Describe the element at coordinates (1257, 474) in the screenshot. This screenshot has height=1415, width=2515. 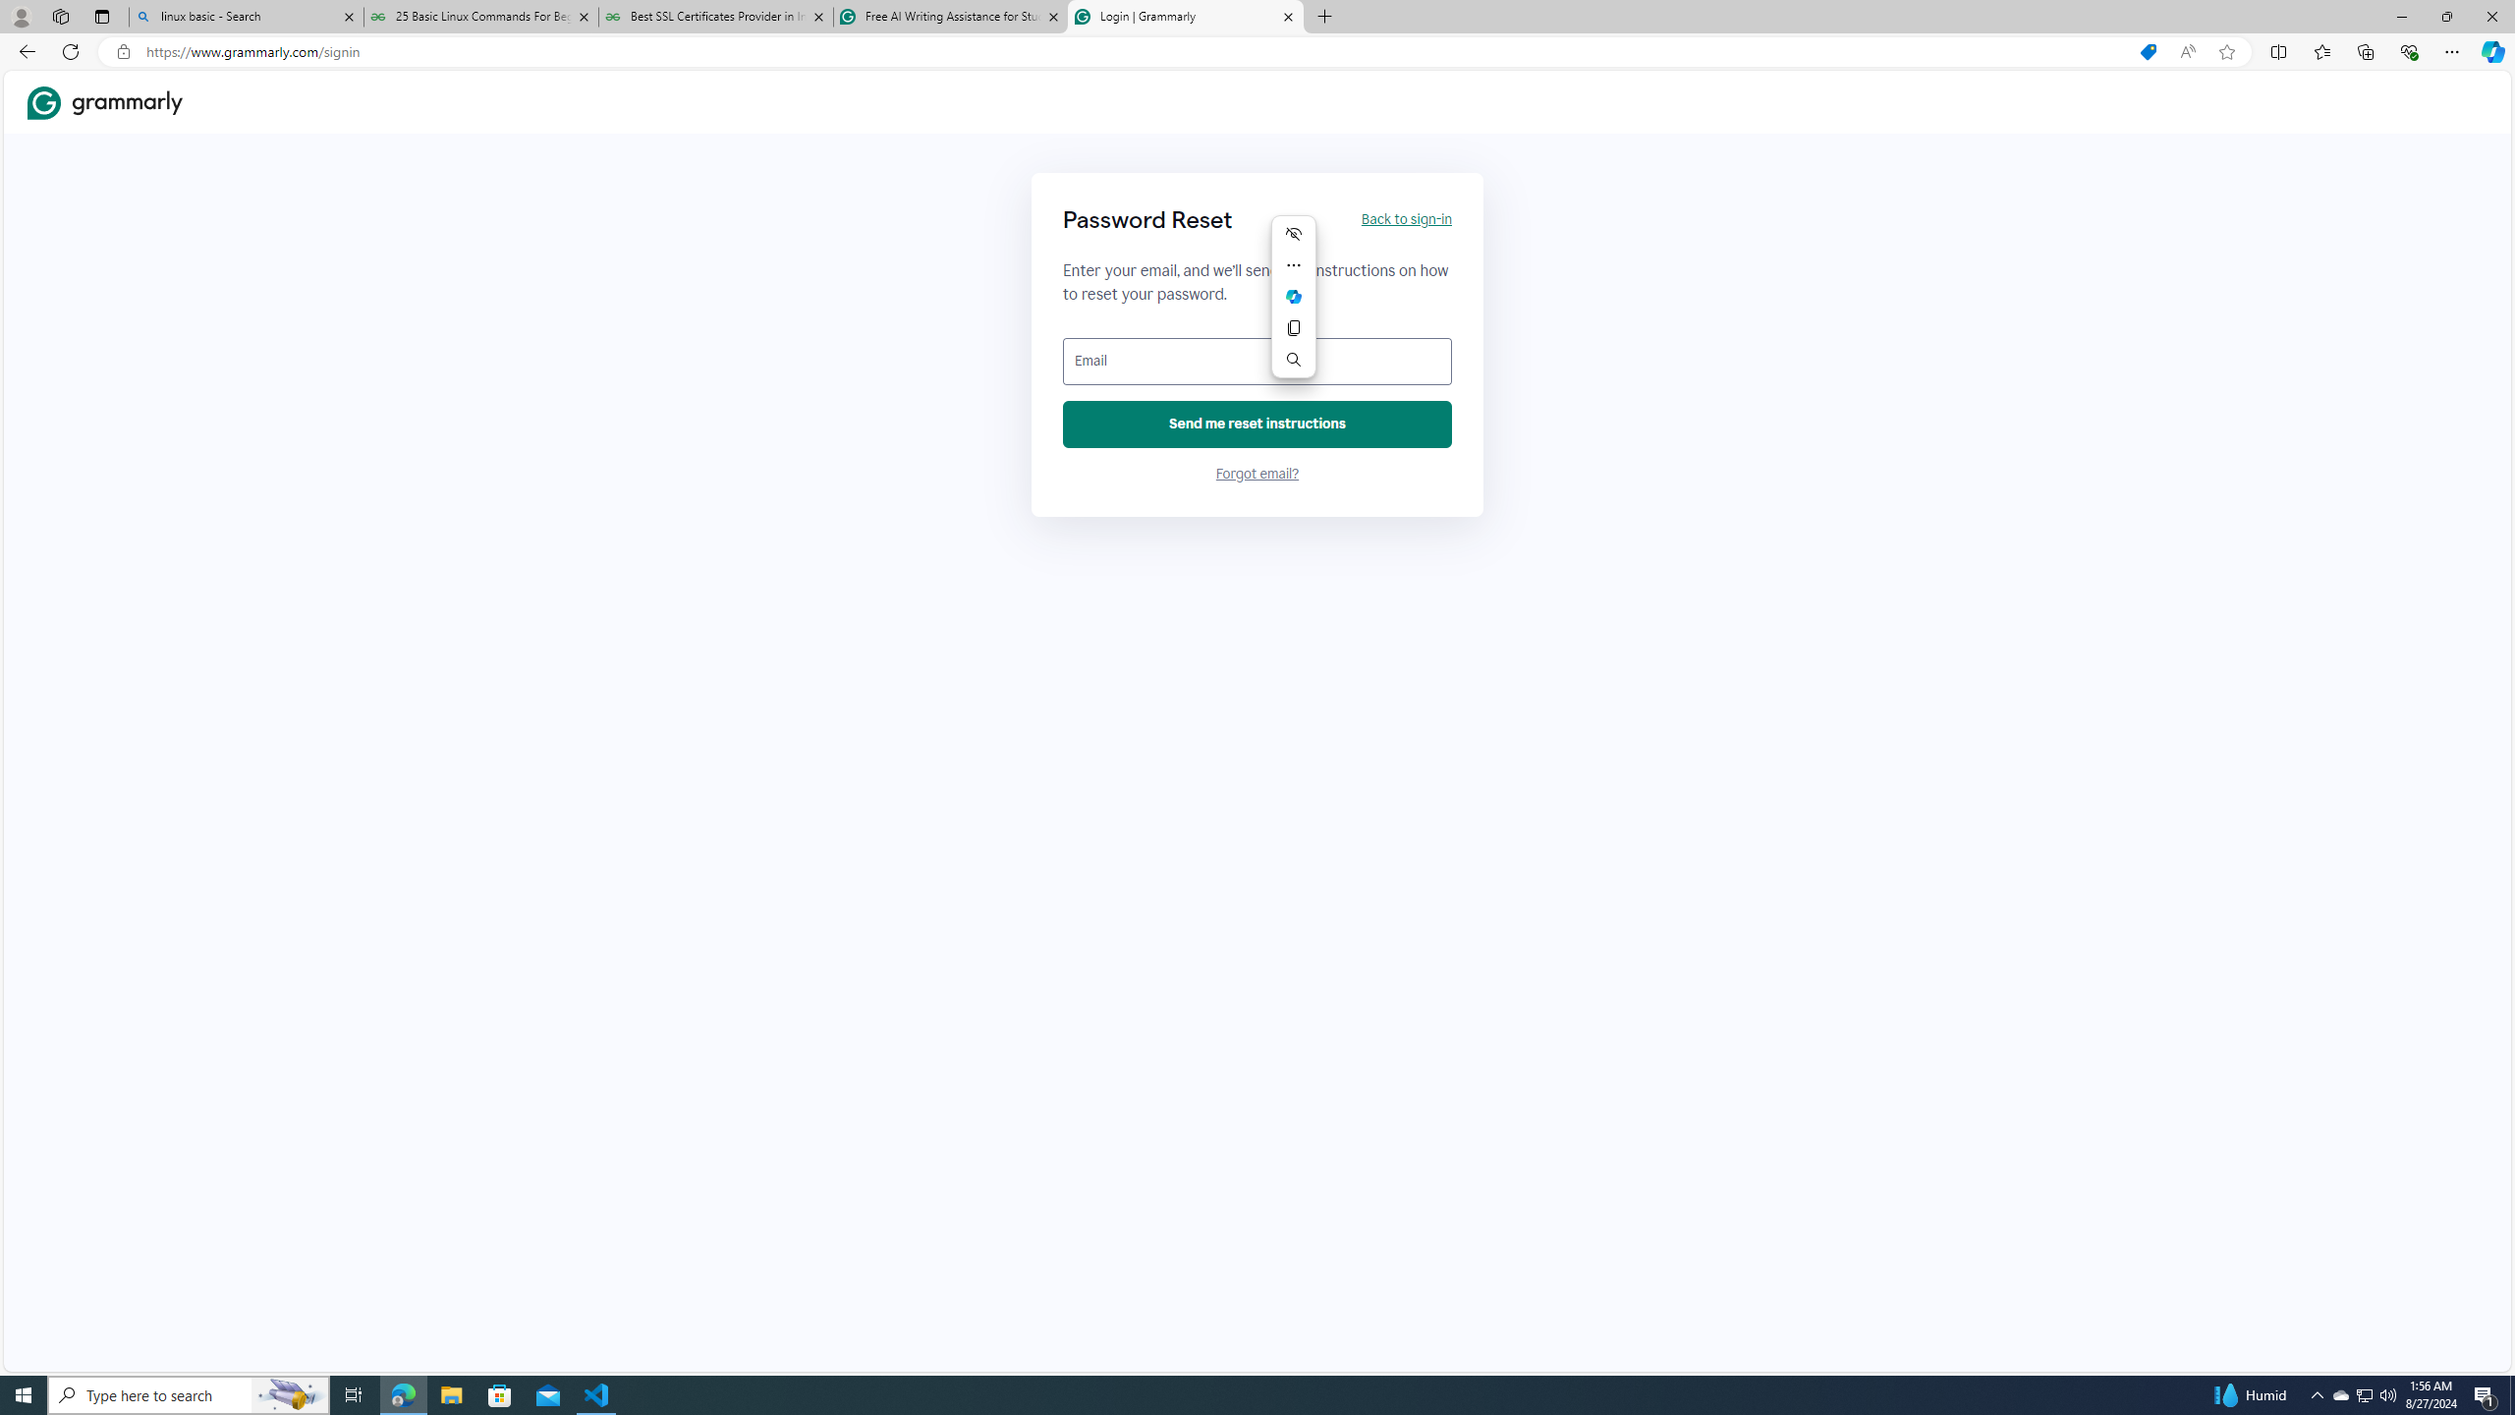
I see `'Forgot email?'` at that location.